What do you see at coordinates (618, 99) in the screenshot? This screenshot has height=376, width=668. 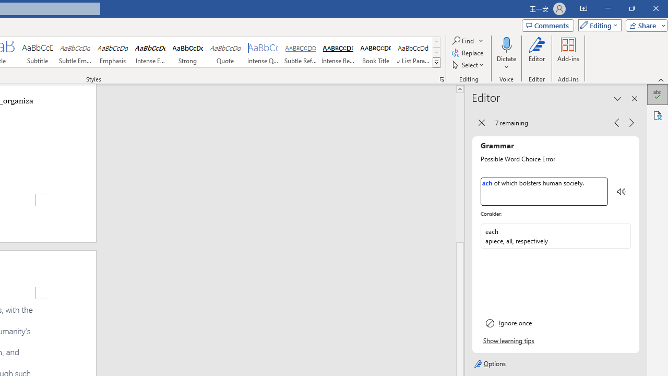 I see `'Task Pane Options'` at bounding box center [618, 99].